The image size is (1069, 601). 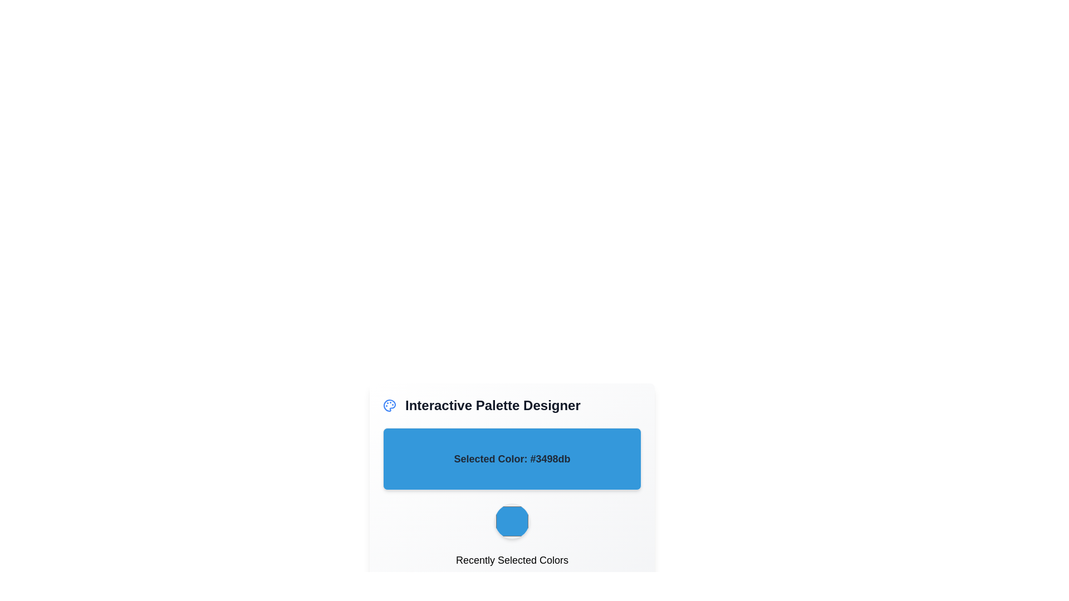 What do you see at coordinates (492, 406) in the screenshot?
I see `the text label displaying 'Interactive Palette Designer', which is prominently positioned in the header section with a bold, large font in dark gray color` at bounding box center [492, 406].